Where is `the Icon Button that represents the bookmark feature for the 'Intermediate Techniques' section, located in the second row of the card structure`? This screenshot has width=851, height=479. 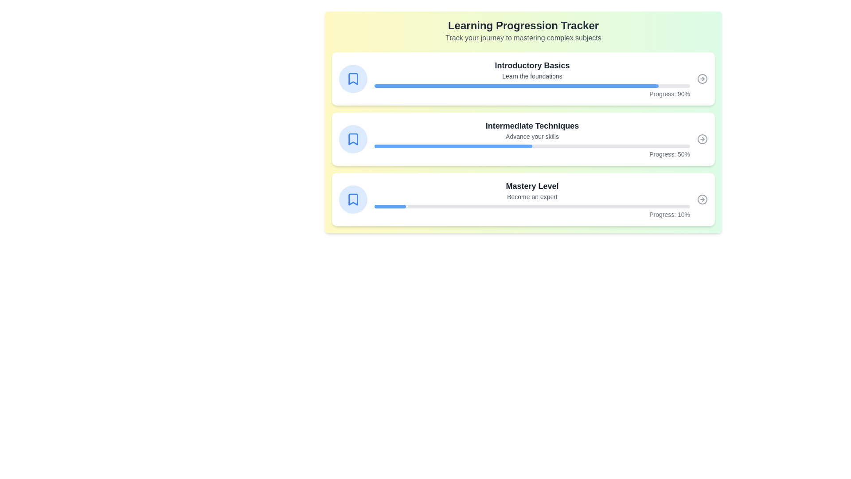
the Icon Button that represents the bookmark feature for the 'Intermediate Techniques' section, located in the second row of the card structure is located at coordinates (352, 139).